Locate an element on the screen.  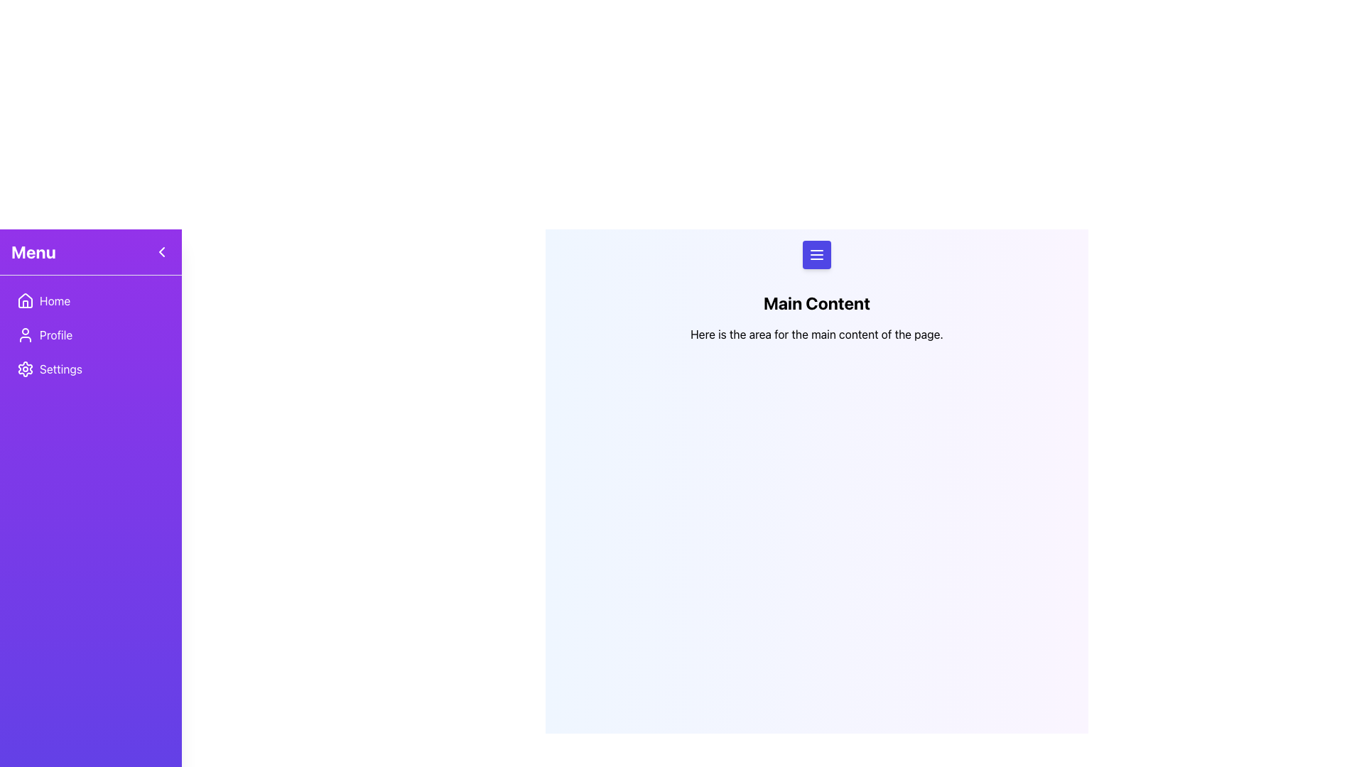
the Profile icon located in the left vertical menu bar is located at coordinates (25, 334).